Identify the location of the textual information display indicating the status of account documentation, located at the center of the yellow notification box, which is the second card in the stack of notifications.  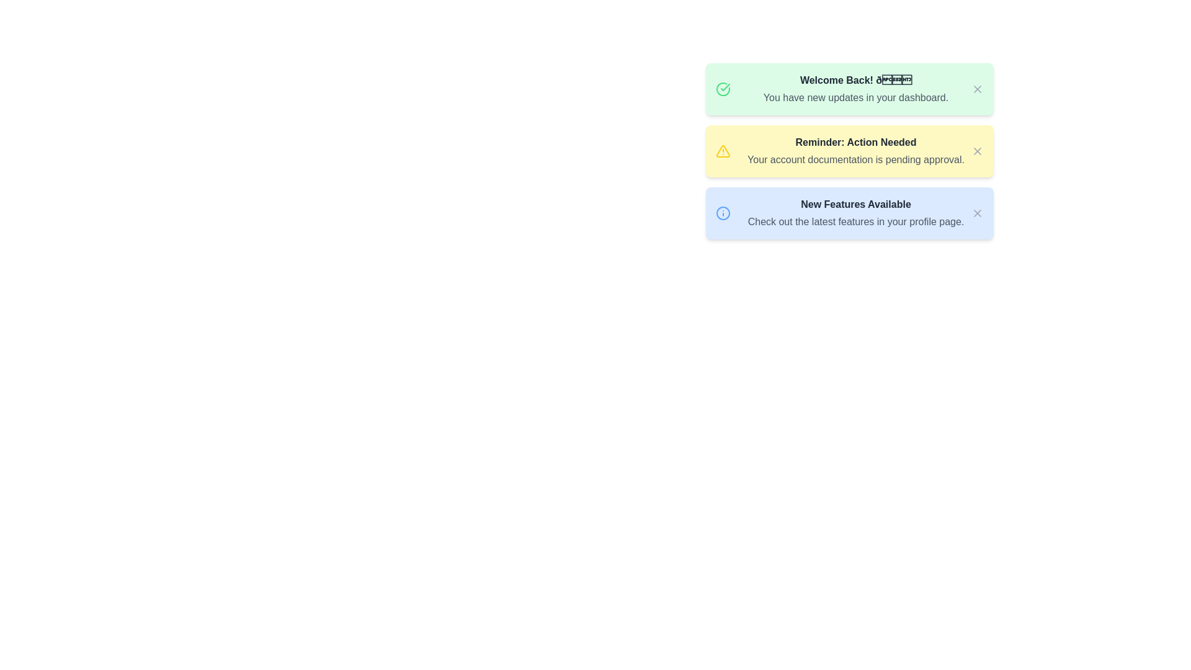
(855, 150).